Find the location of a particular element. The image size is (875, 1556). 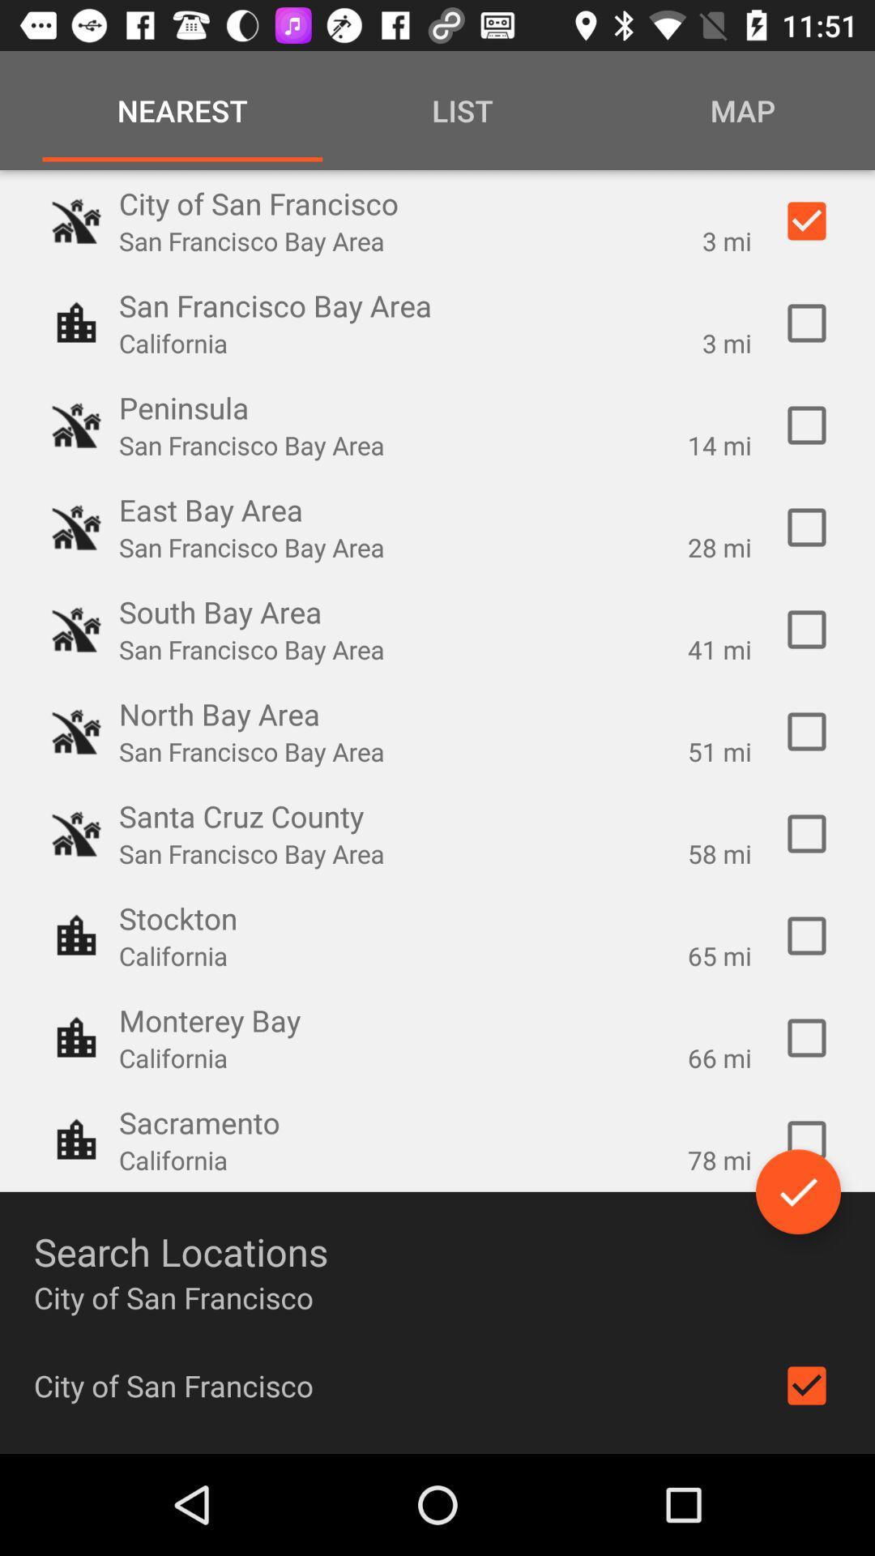

check the box is located at coordinates (806, 730).